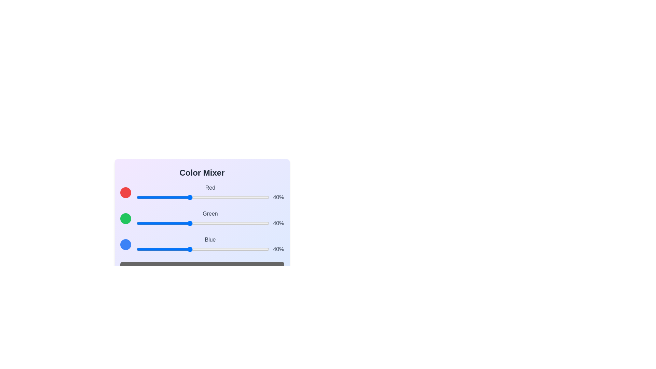 Image resolution: width=656 pixels, height=369 pixels. I want to click on the red color slider to 40%, so click(189, 197).